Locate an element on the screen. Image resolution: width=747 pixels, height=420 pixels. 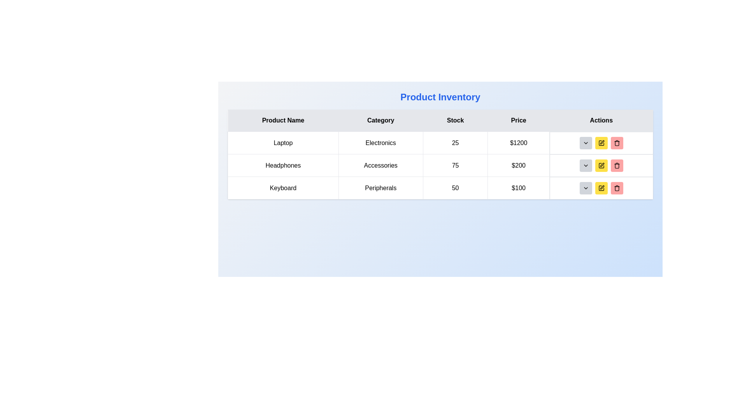
the second action button icon, which is a stylized pen and square icon with a yellow background, located in the 'Actions' column of the third row adjacent to the 'Keyboard' product row is located at coordinates (601, 188).